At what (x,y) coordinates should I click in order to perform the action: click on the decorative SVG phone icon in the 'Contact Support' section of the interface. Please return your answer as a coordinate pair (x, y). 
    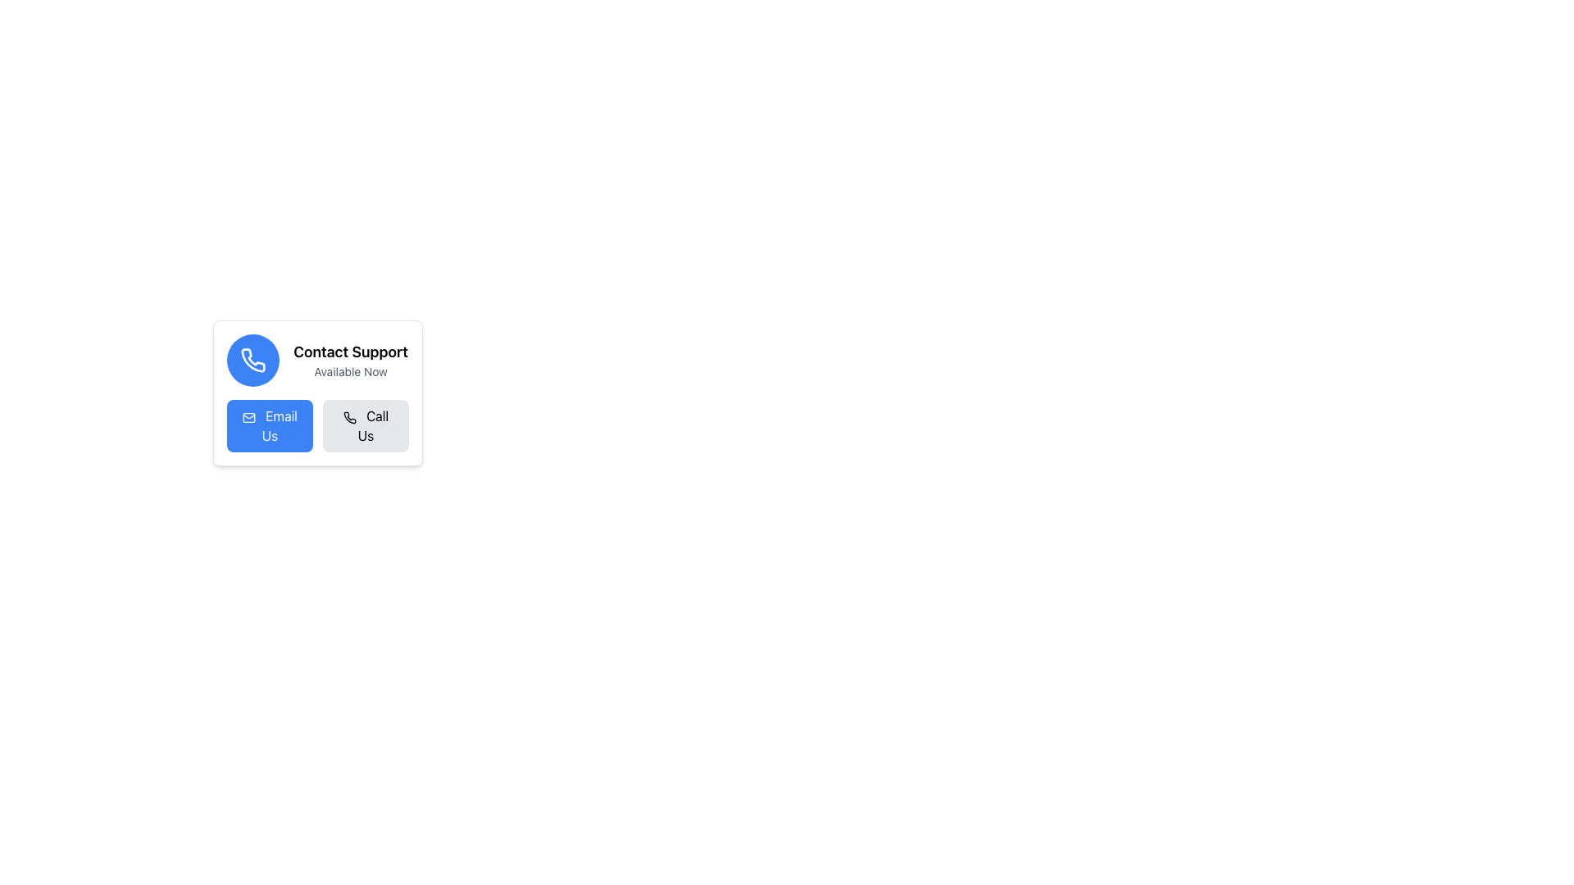
    Looking at the image, I should click on (348, 416).